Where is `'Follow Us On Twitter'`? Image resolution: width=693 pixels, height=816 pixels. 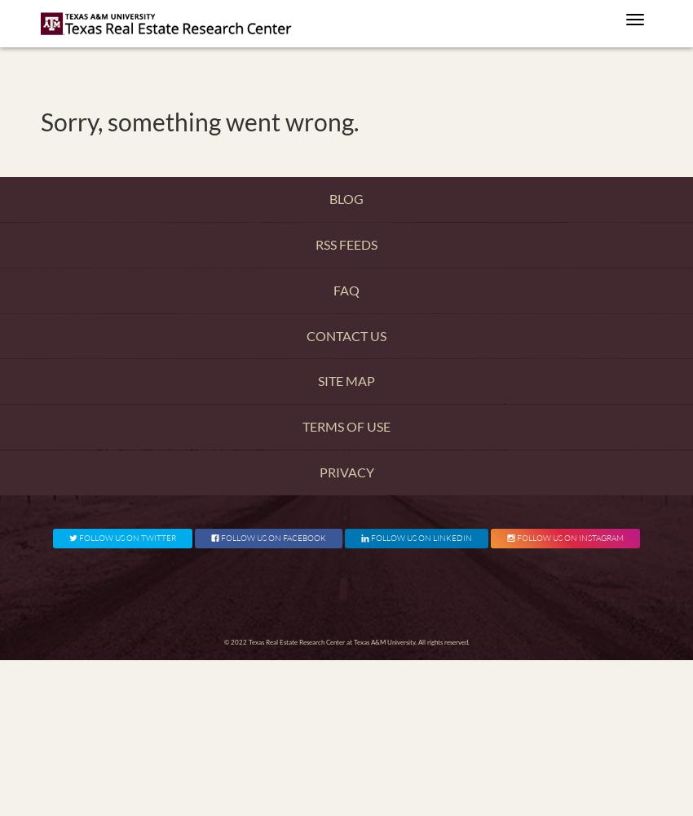 'Follow Us On Twitter' is located at coordinates (126, 537).